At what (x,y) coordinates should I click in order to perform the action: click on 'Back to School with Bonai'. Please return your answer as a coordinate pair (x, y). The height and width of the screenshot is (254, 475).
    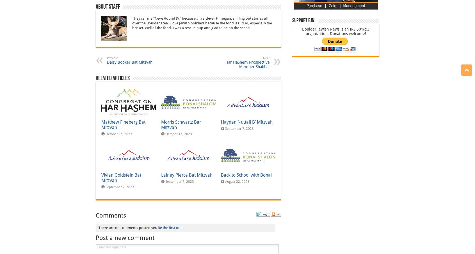
    Looking at the image, I should click on (246, 175).